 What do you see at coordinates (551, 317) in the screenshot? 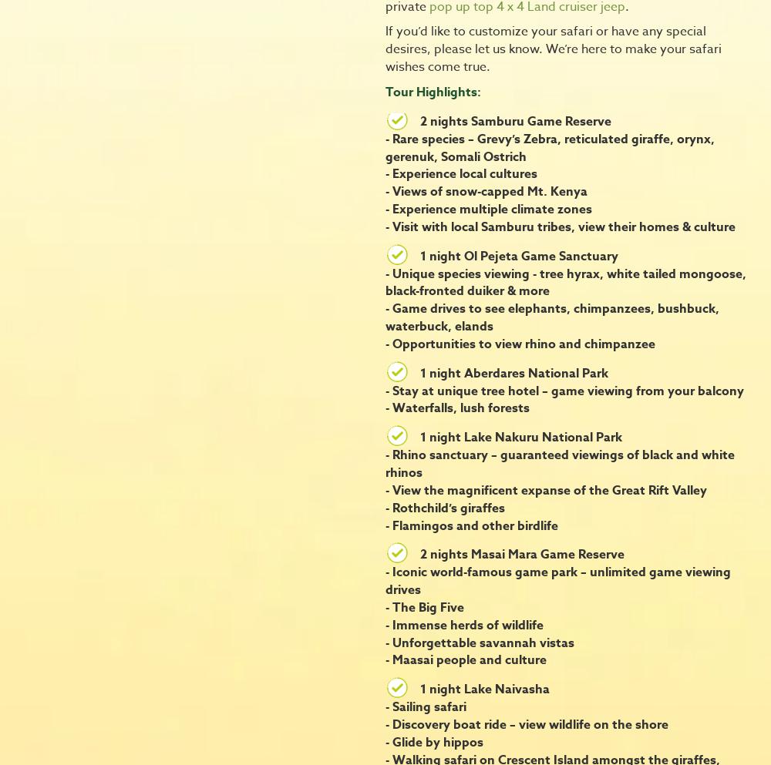
I see `'- Game drives to see elephants, chimpanzees, bushbuck, waterbuck, elands'` at bounding box center [551, 317].